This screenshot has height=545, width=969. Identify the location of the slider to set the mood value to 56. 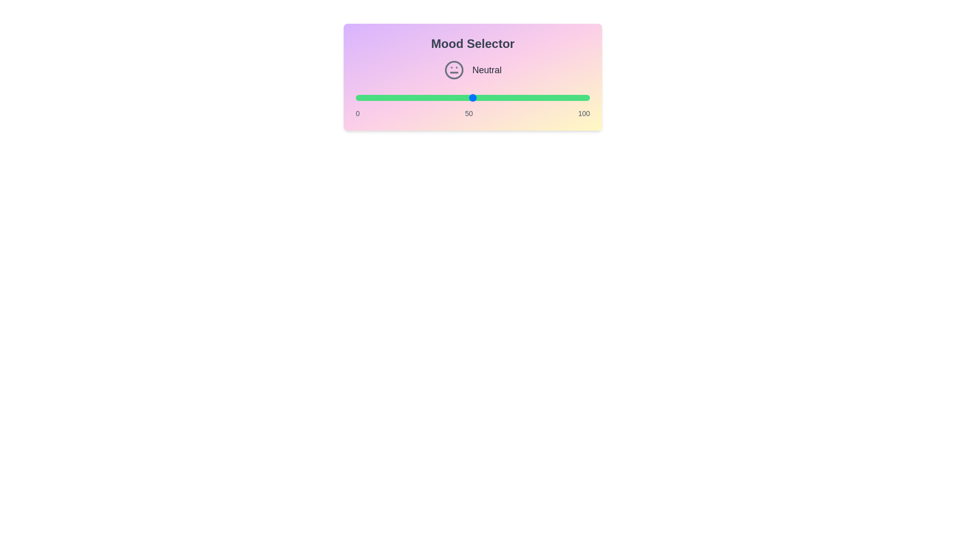
(487, 97).